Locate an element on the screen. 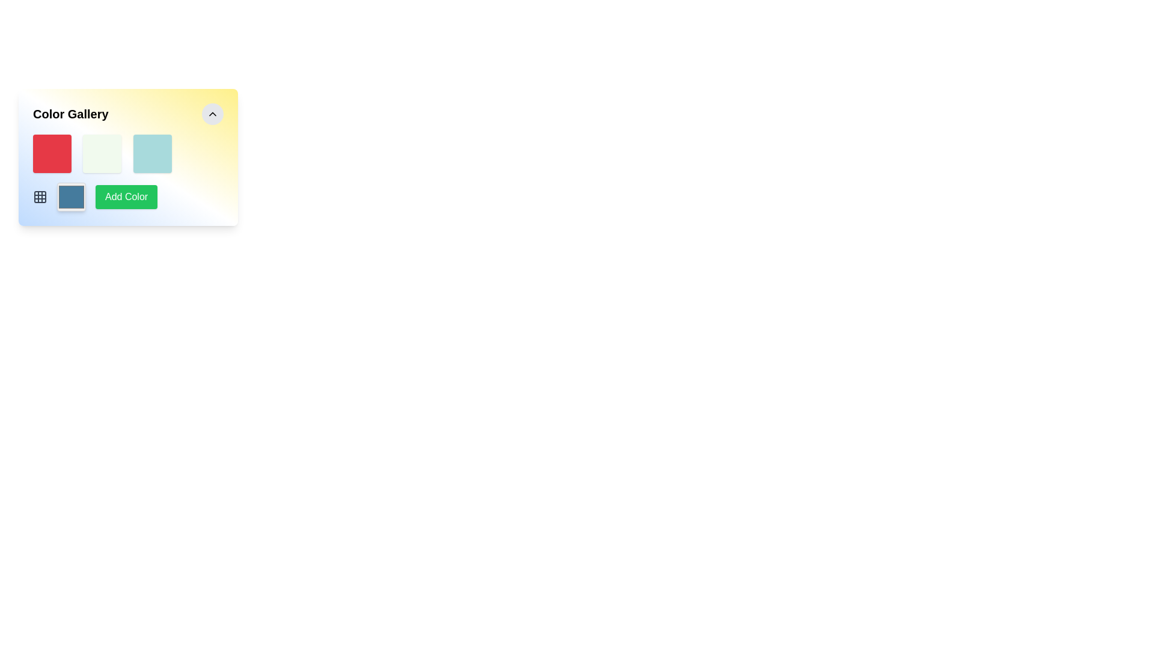 The height and width of the screenshot is (649, 1154). the button located in the top-right corner of the 'Color Gallery' section to observe its hover effects is located at coordinates (213, 114).